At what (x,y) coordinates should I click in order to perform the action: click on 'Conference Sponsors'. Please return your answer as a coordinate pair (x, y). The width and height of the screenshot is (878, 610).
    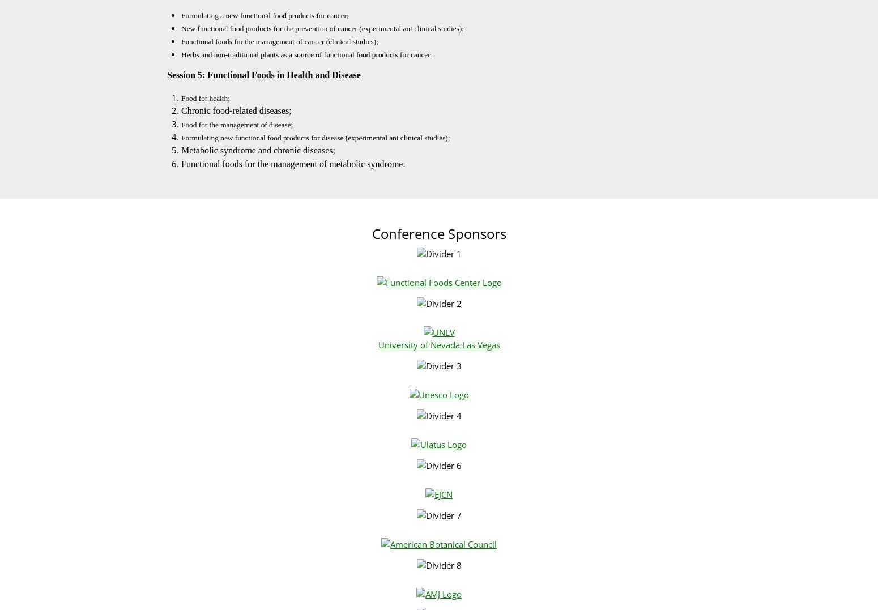
    Looking at the image, I should click on (438, 233).